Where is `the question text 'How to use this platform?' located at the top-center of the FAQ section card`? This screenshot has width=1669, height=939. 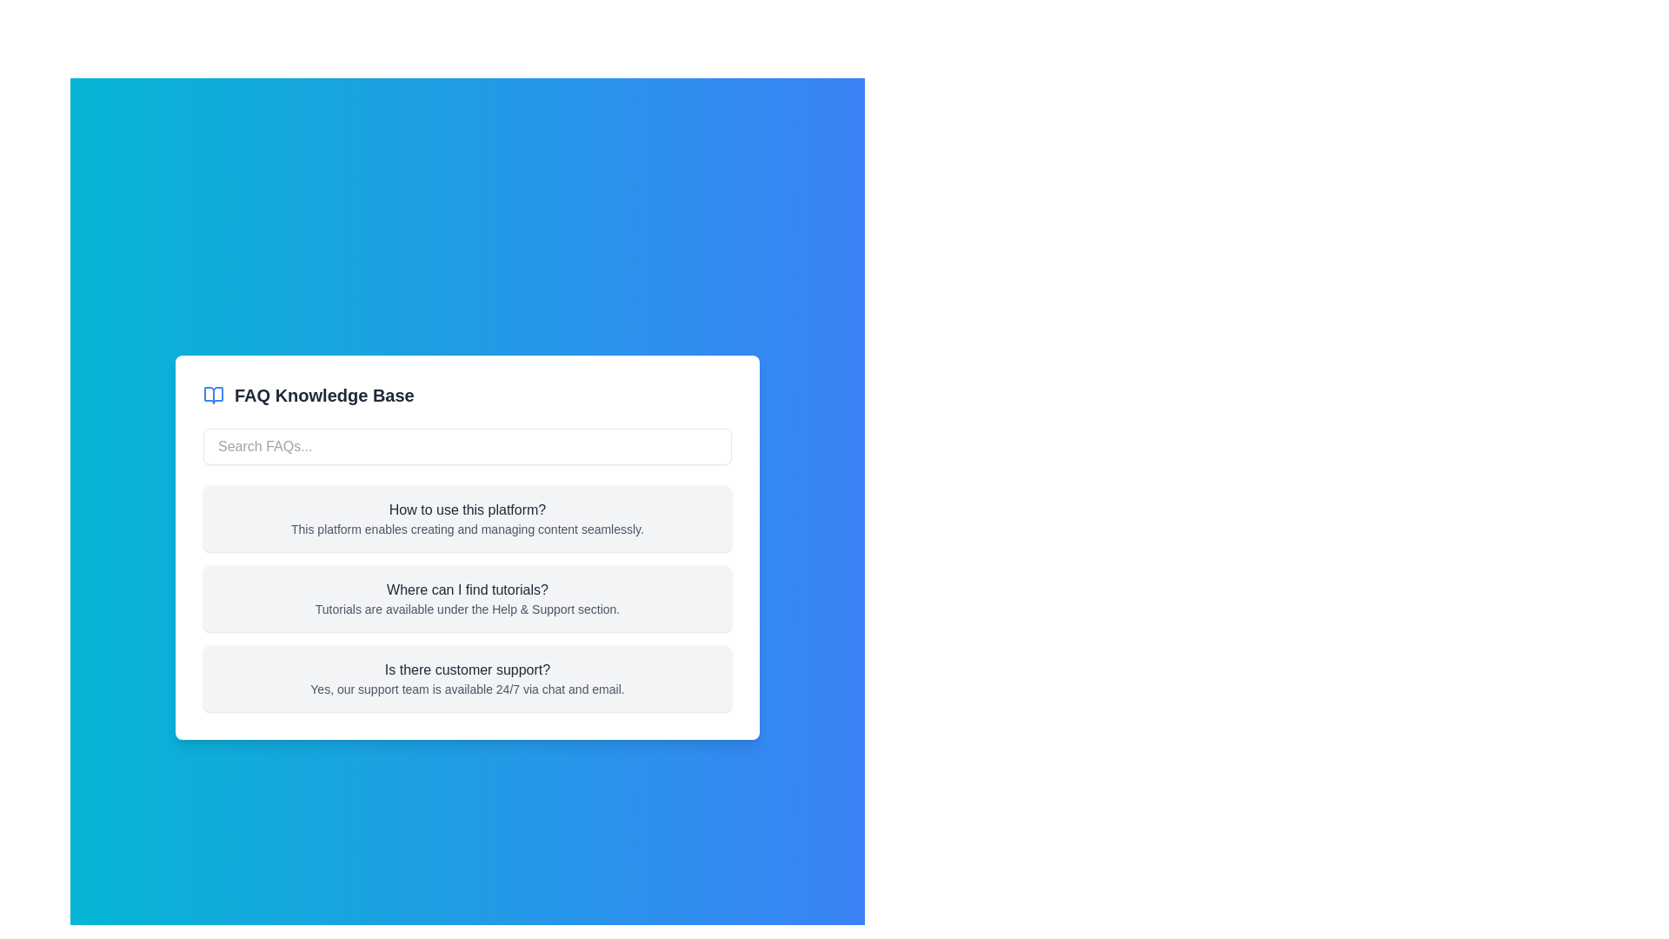 the question text 'How to use this platform?' located at the top-center of the FAQ section card is located at coordinates (467, 509).